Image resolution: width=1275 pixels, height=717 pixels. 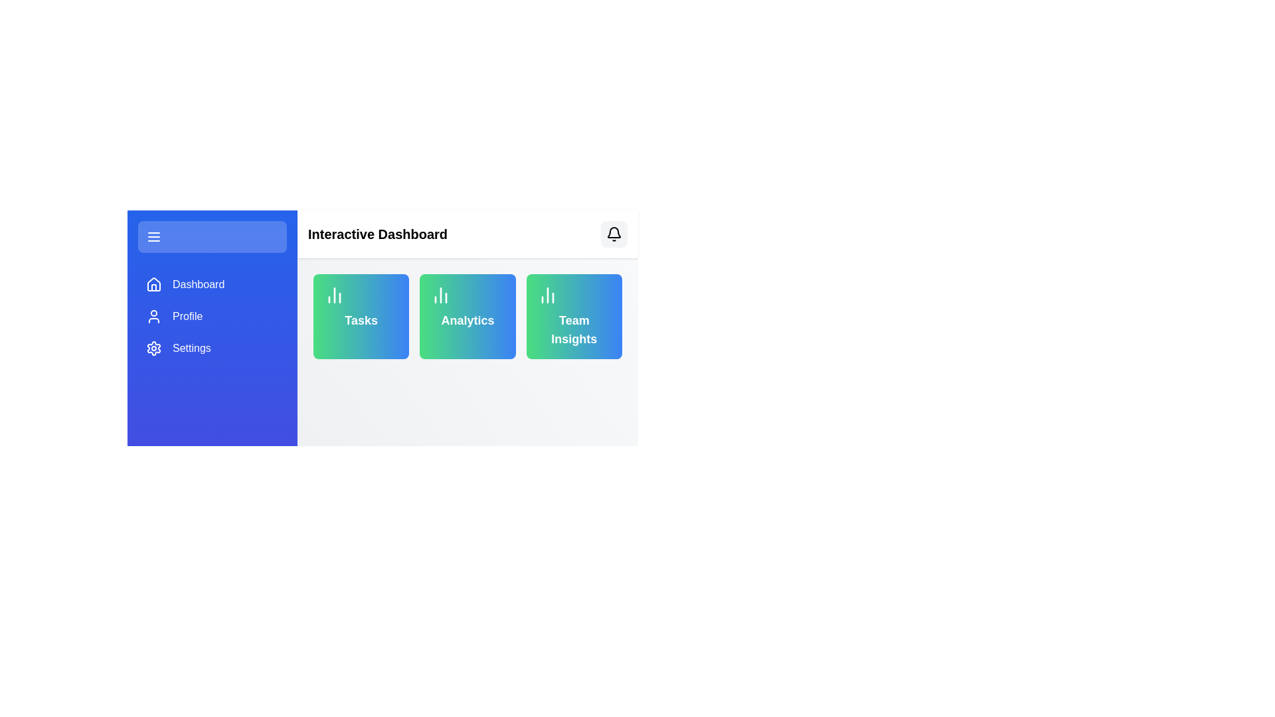 I want to click on the navigation link labeled 'Dashboard' in the left sidebar of the application, so click(x=198, y=283).